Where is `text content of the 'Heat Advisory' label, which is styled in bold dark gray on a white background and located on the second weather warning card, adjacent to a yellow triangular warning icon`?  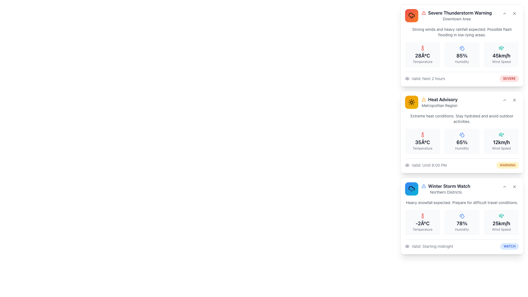
text content of the 'Heat Advisory' label, which is styled in bold dark gray on a white background and located on the second weather warning card, adjacent to a yellow triangular warning icon is located at coordinates (443, 100).